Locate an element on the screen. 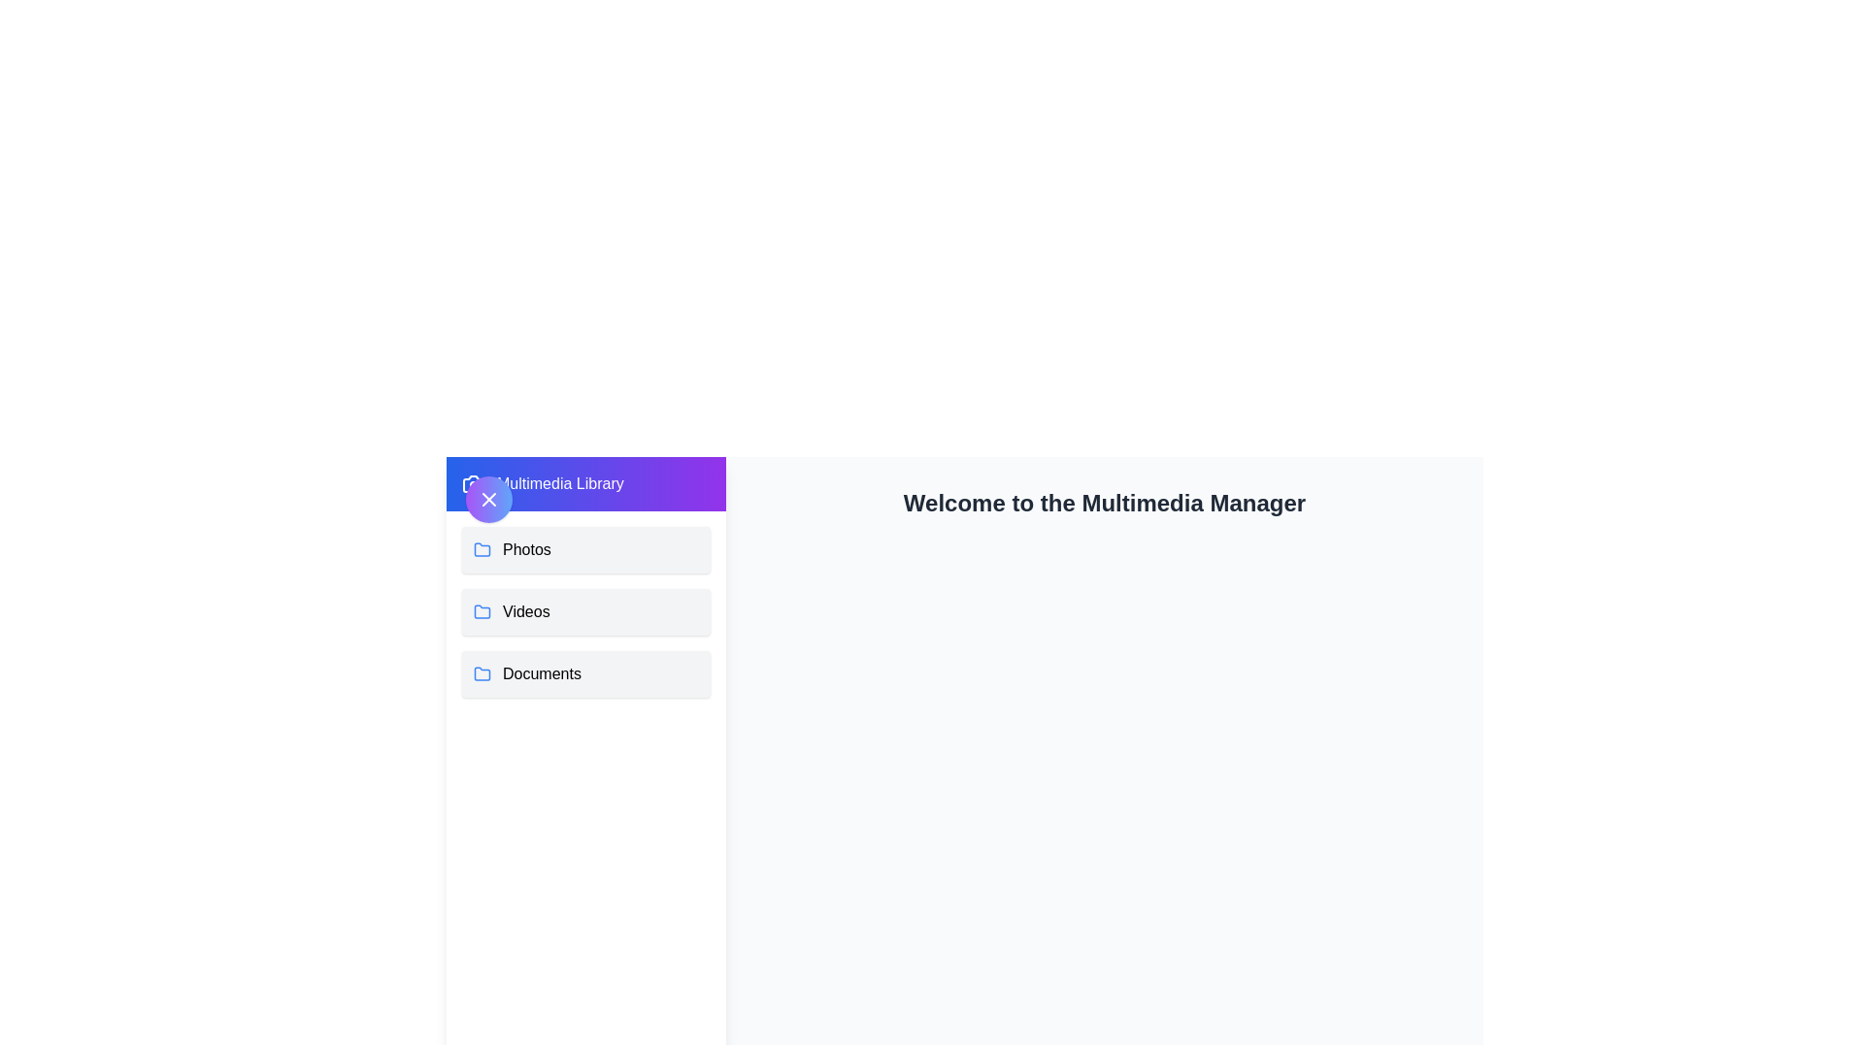 The image size is (1864, 1048). the category Photos from the menu is located at coordinates (585, 550).